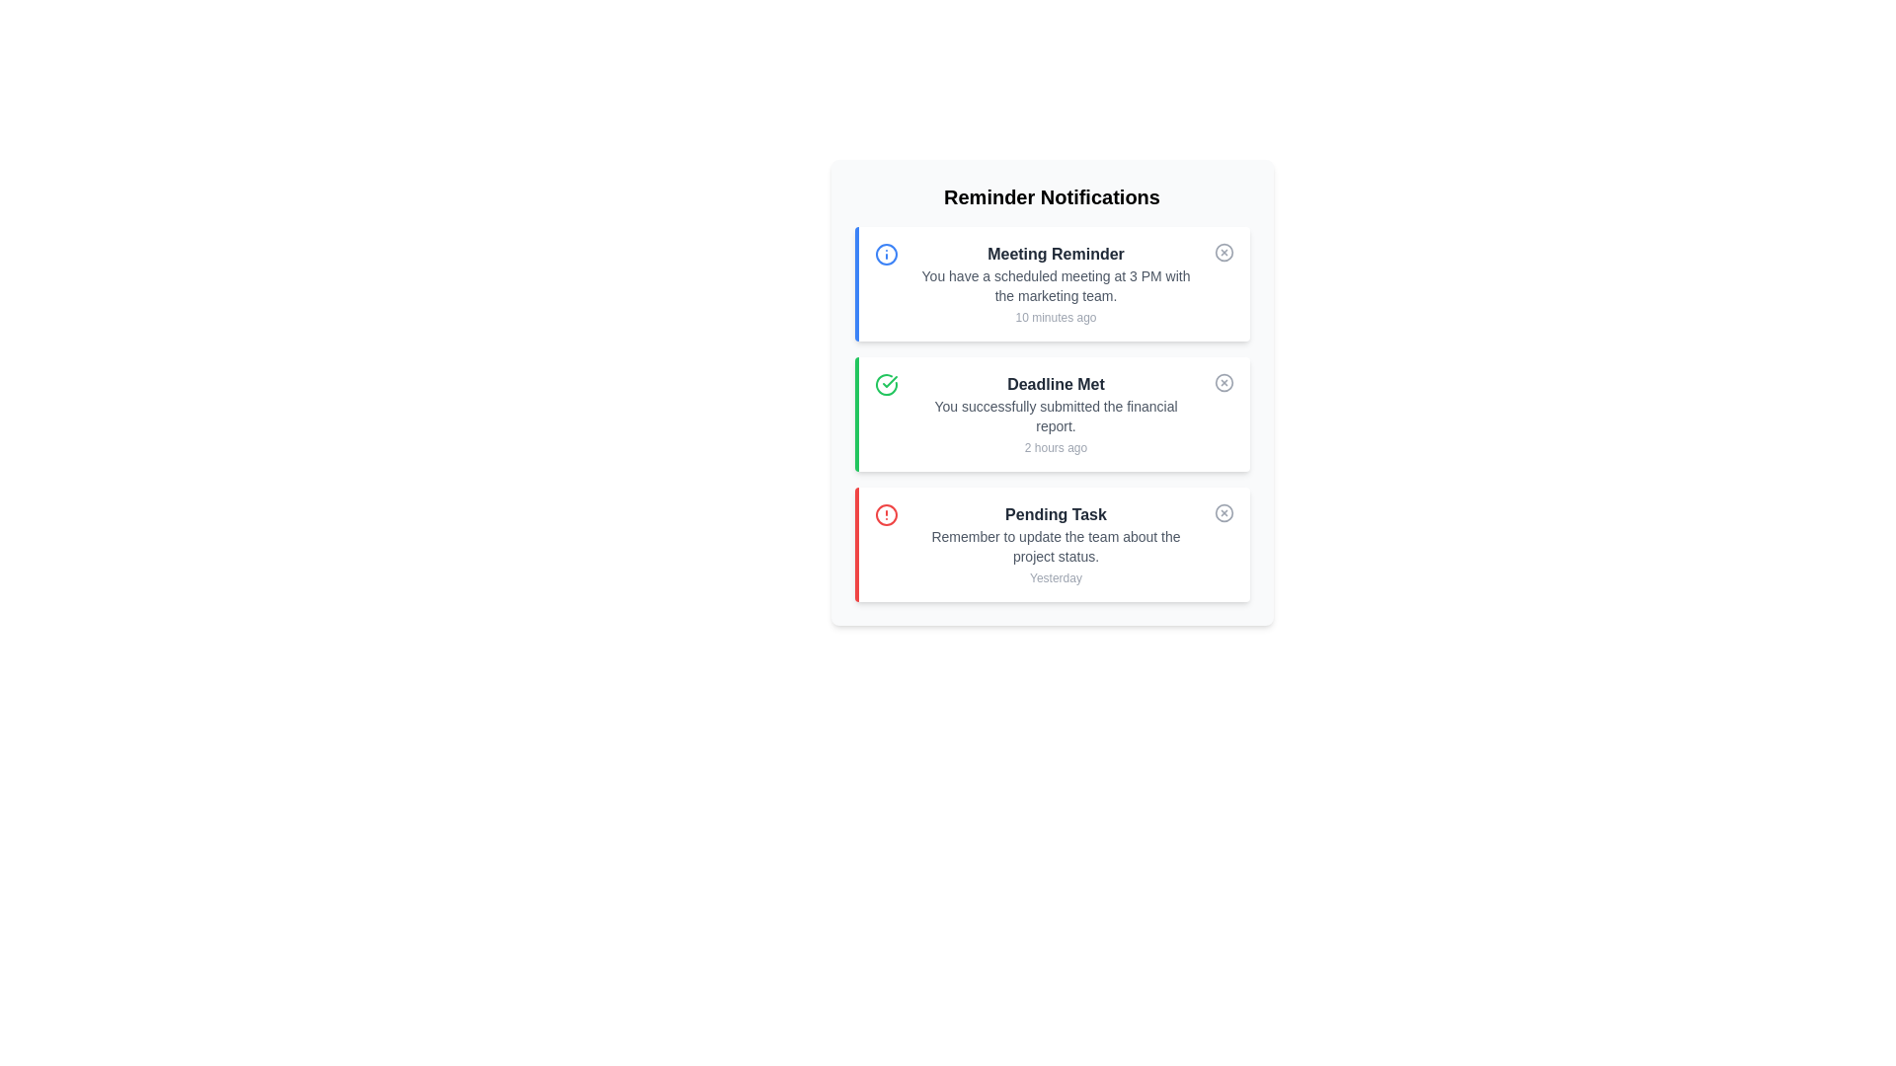  Describe the element at coordinates (1055, 415) in the screenshot. I see `the text element displaying 'You successfully submitted the financial report.' which is located beneath the 'Deadline Met' heading in the notification panel` at that location.